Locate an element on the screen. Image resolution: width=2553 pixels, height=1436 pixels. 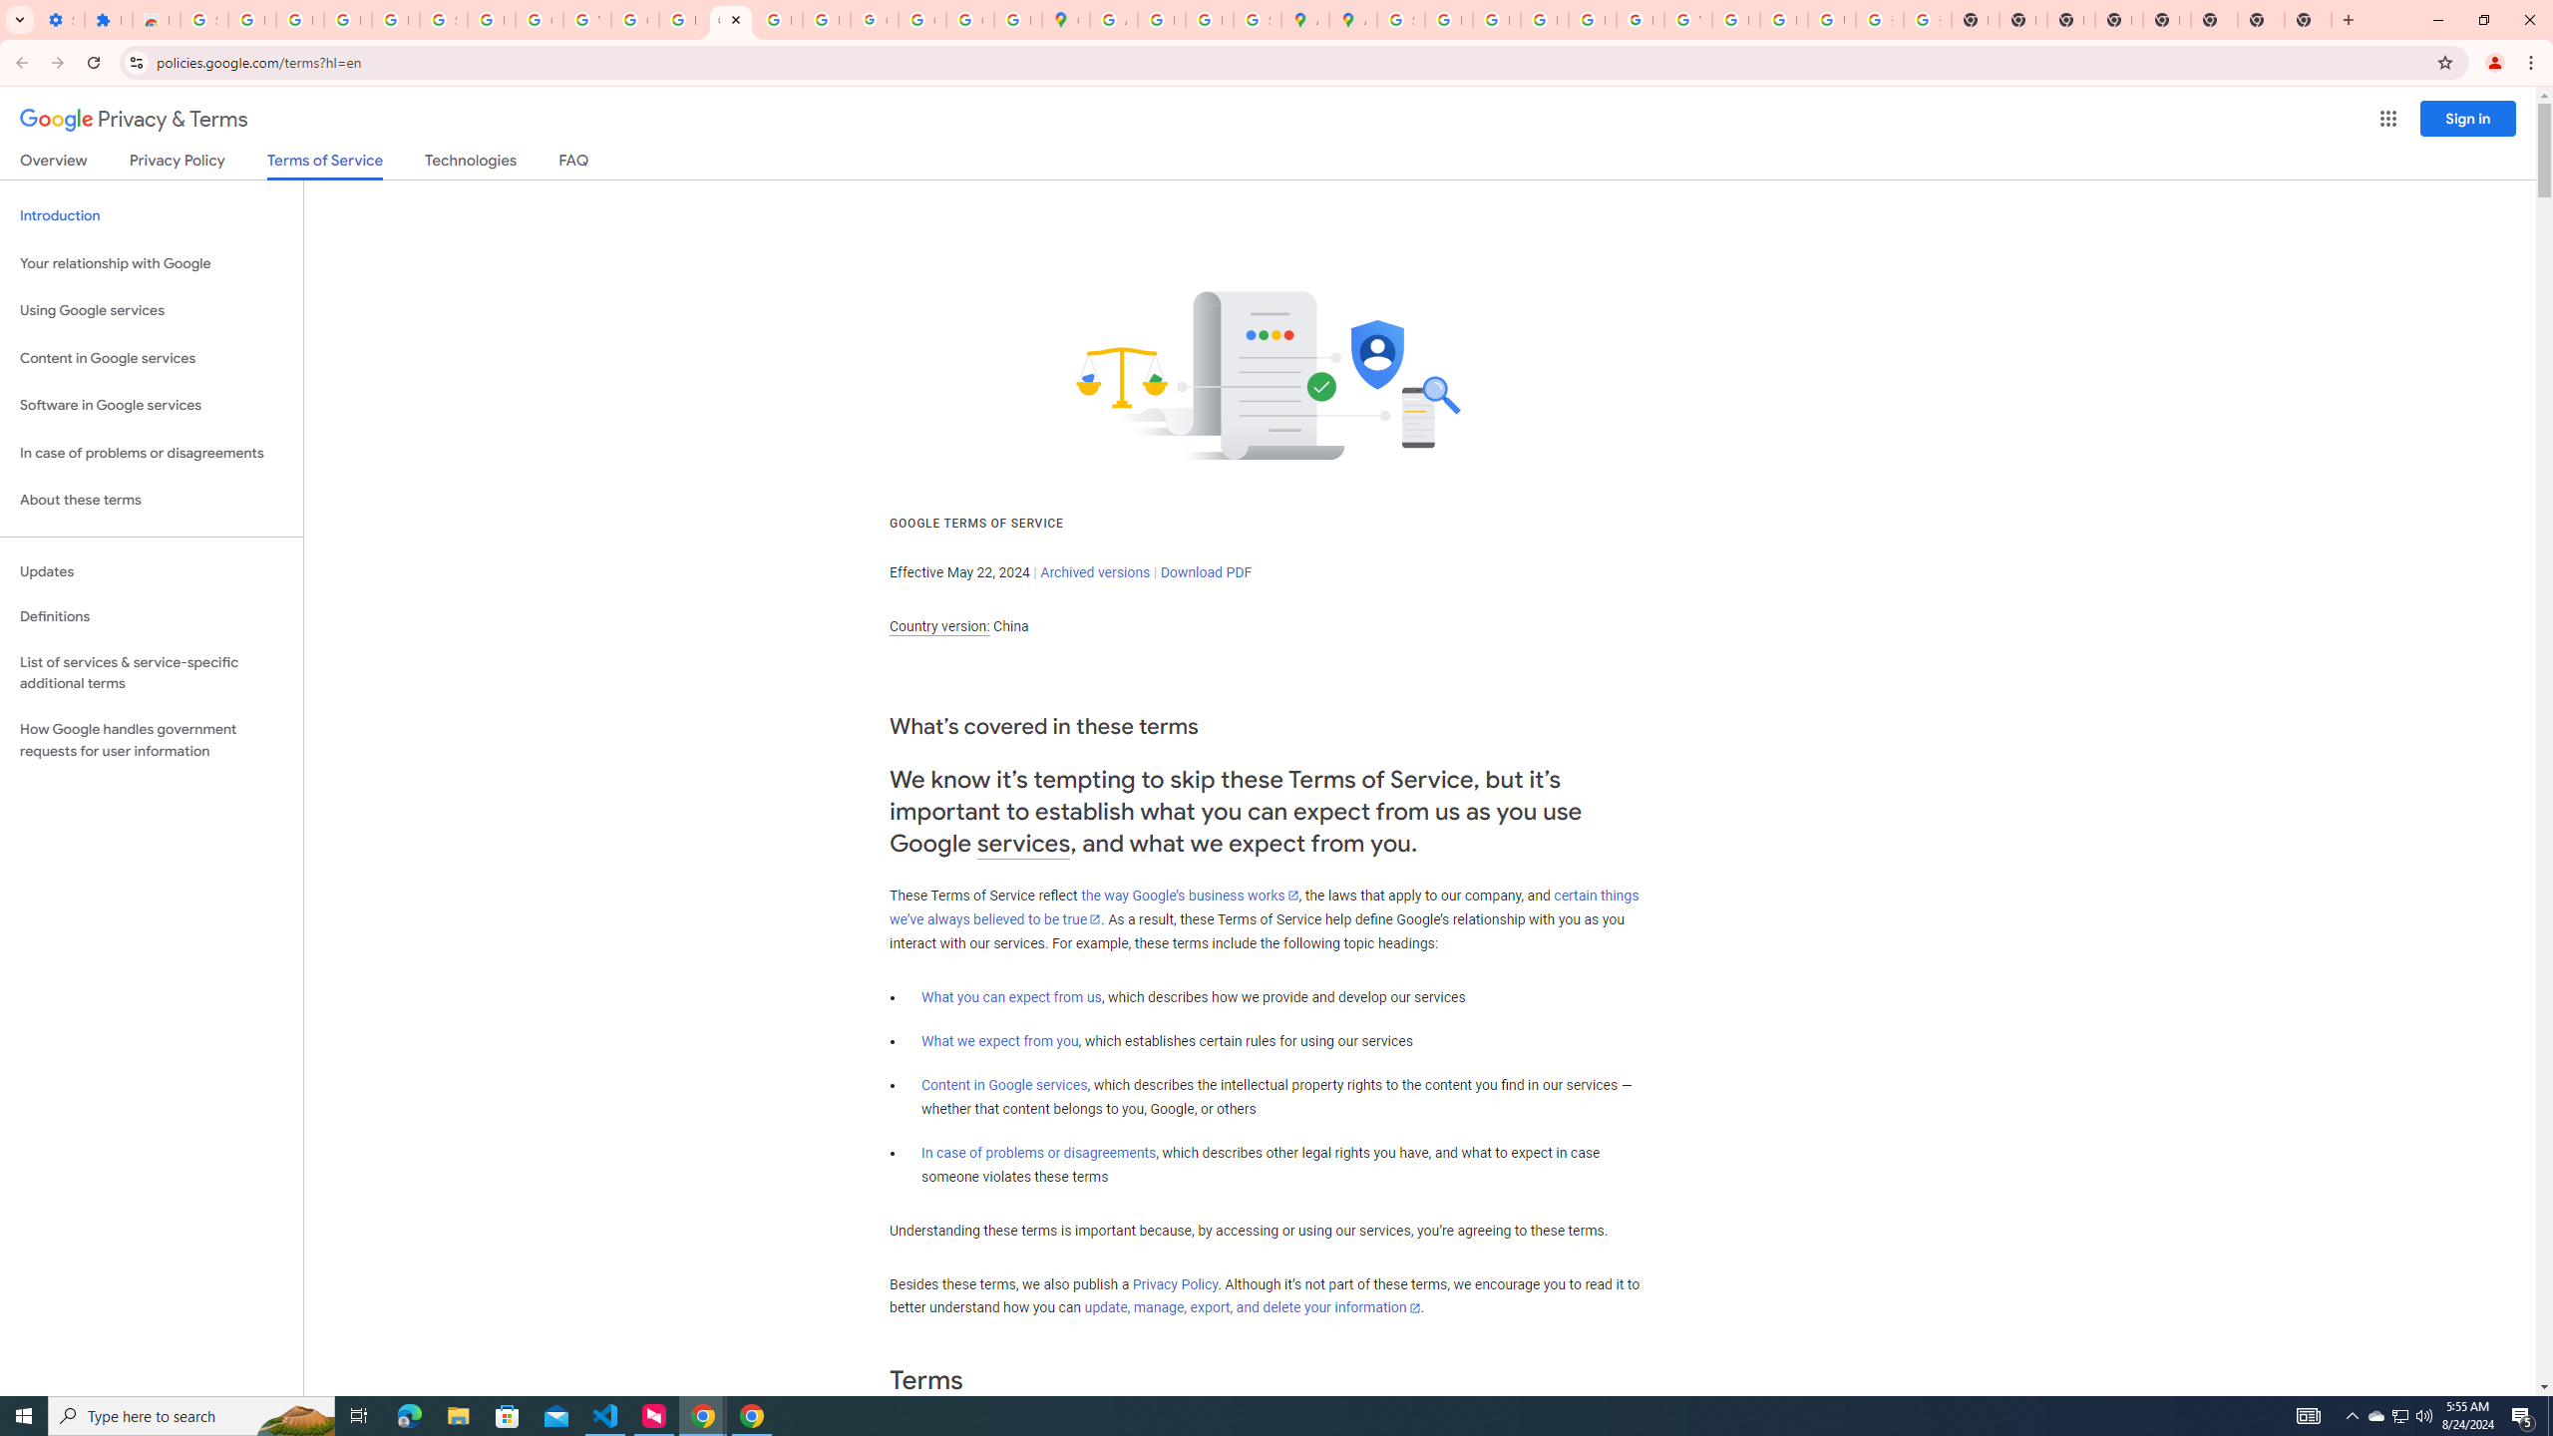
'List of services & service-specific additional terms' is located at coordinates (151, 672).